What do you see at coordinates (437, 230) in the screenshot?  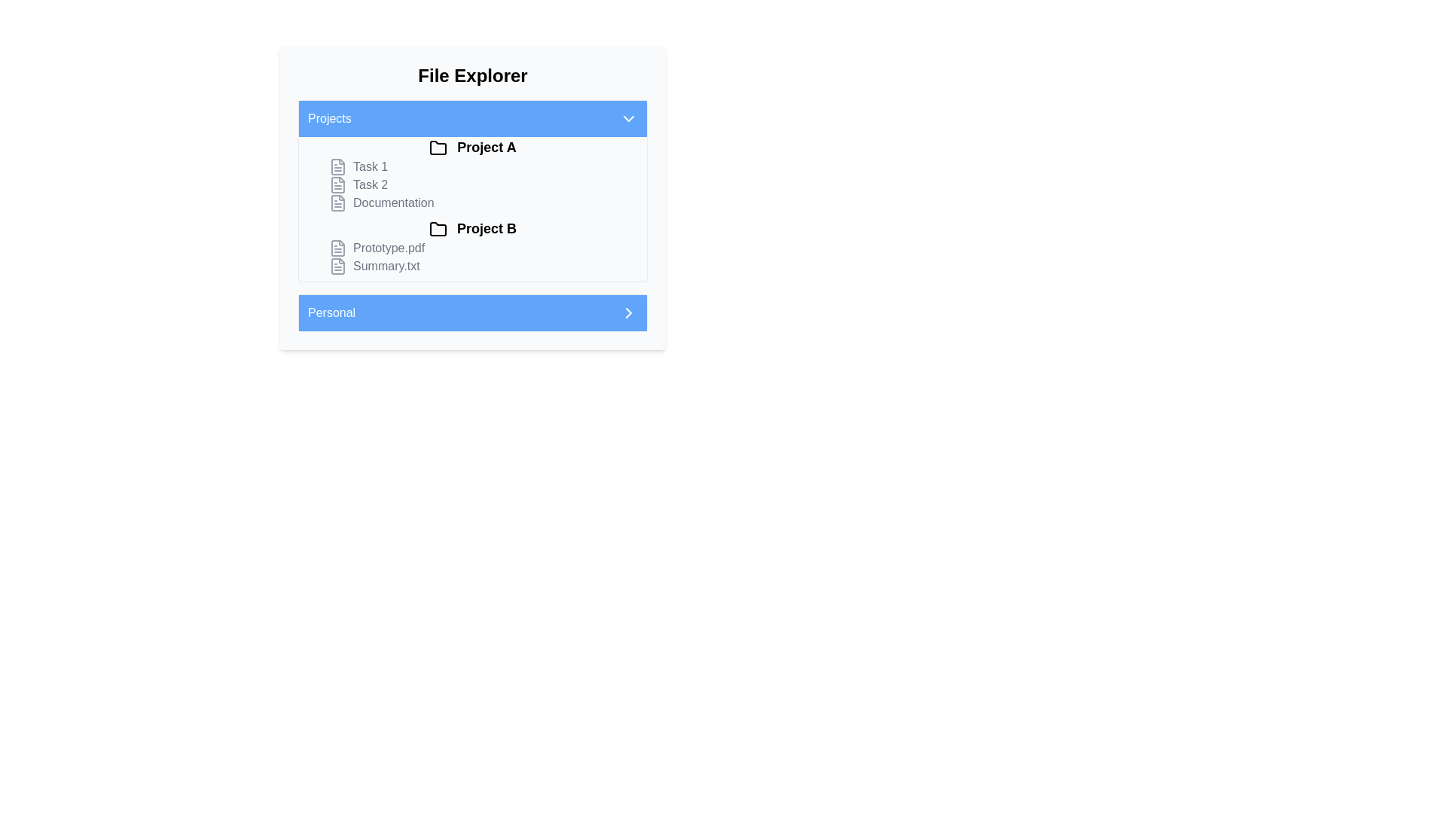 I see `the folder icon located to the left of the text 'Project B'` at bounding box center [437, 230].